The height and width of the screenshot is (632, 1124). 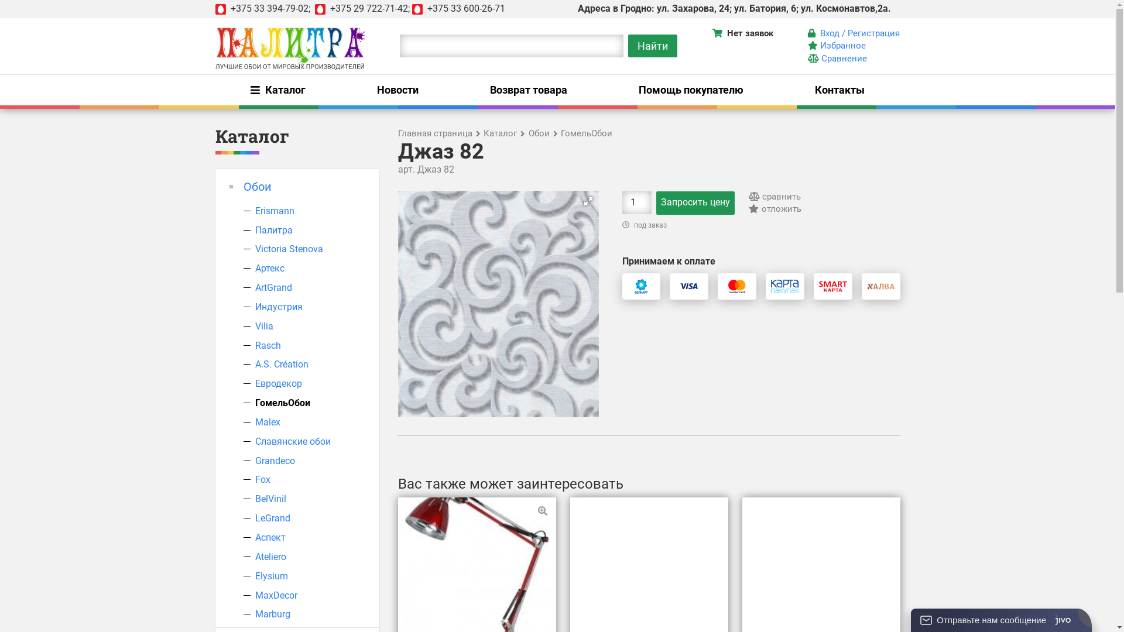 I want to click on 'Marburg', so click(x=272, y=613).